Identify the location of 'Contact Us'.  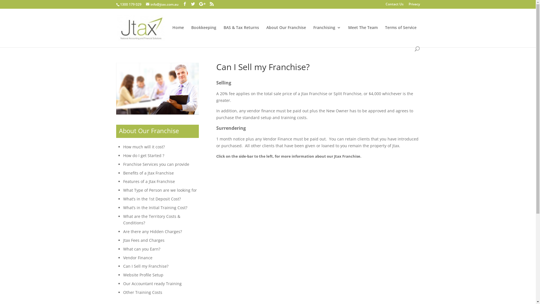
(394, 5).